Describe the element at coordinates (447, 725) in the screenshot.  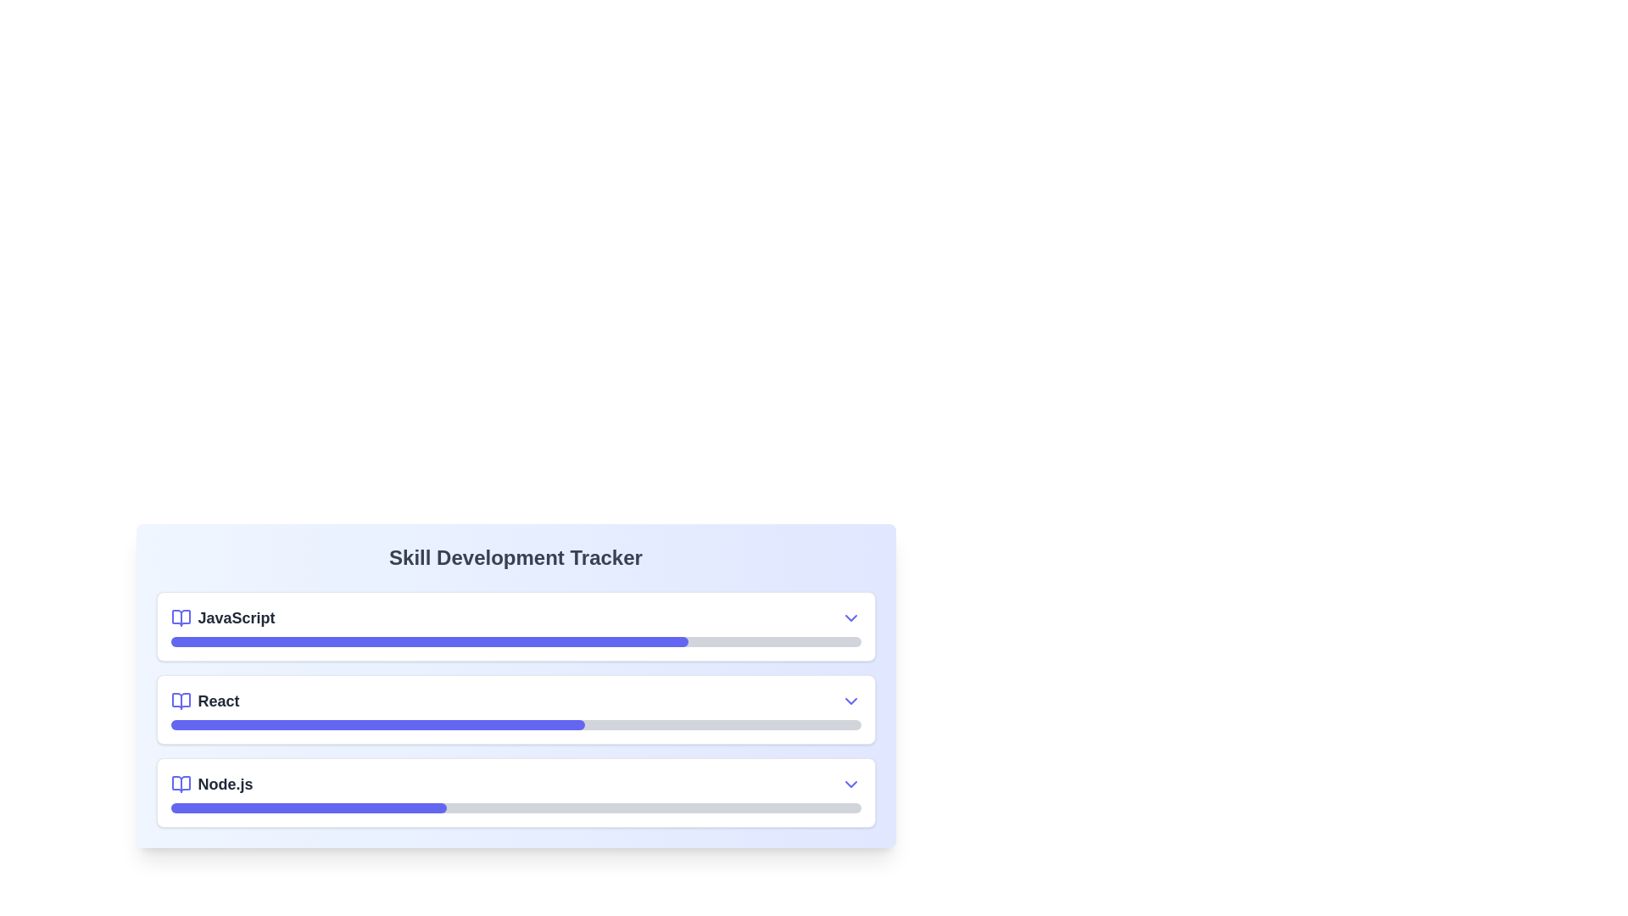
I see `the progress of the bar` at that location.